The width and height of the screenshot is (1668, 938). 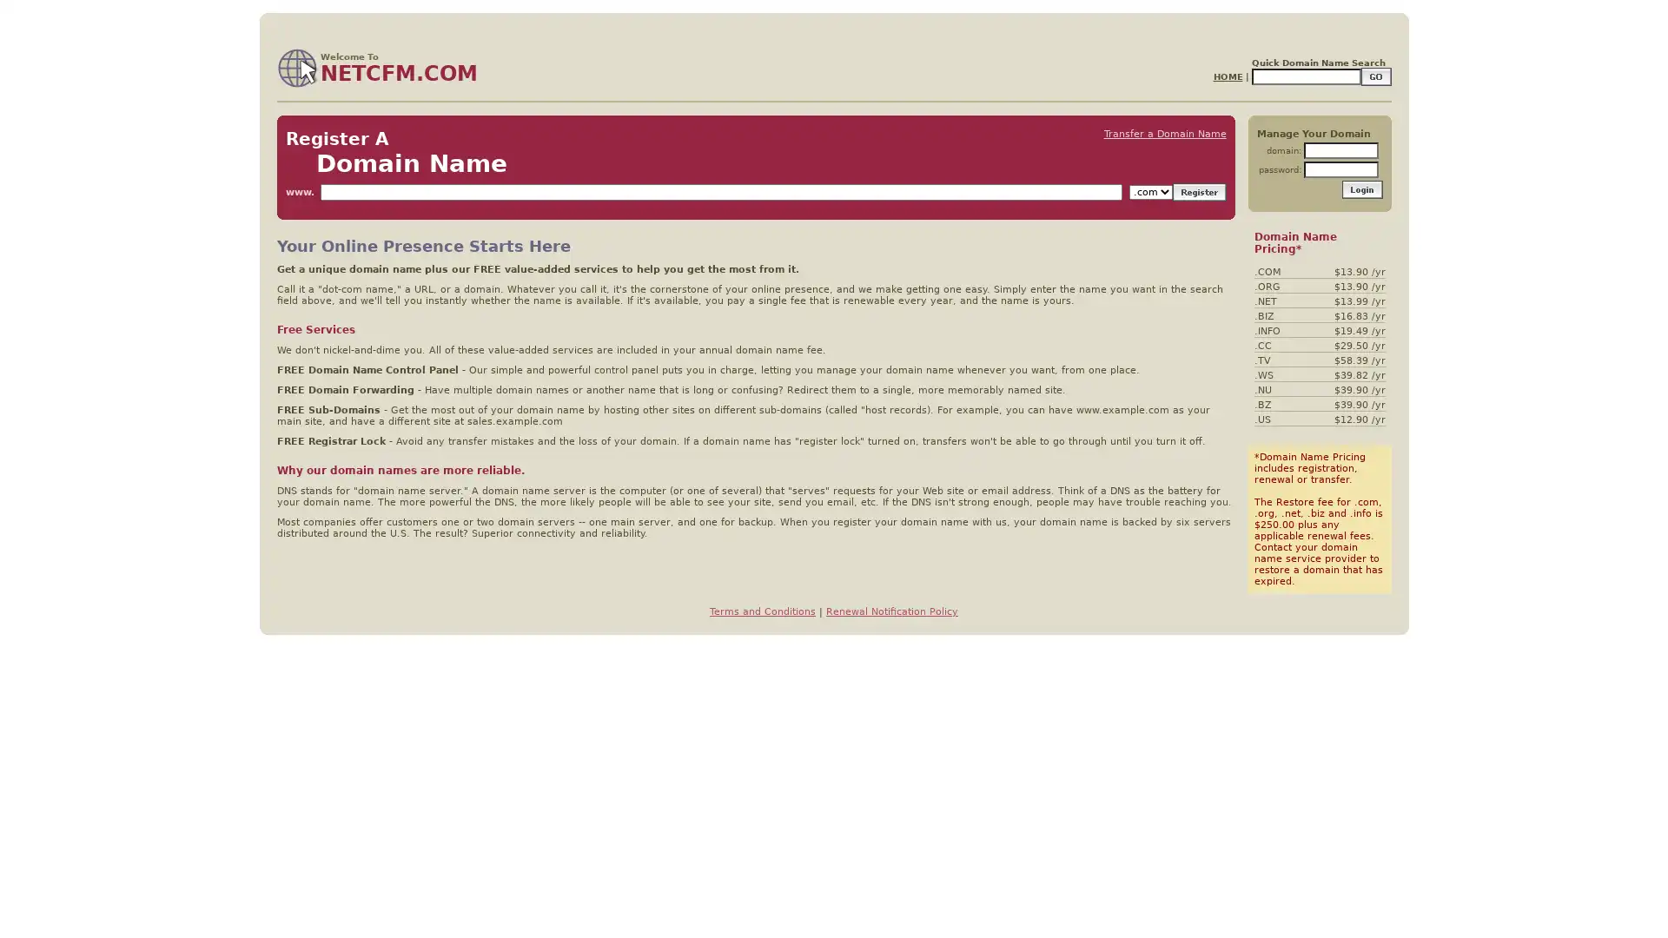 I want to click on Submit, so click(x=1360, y=189).